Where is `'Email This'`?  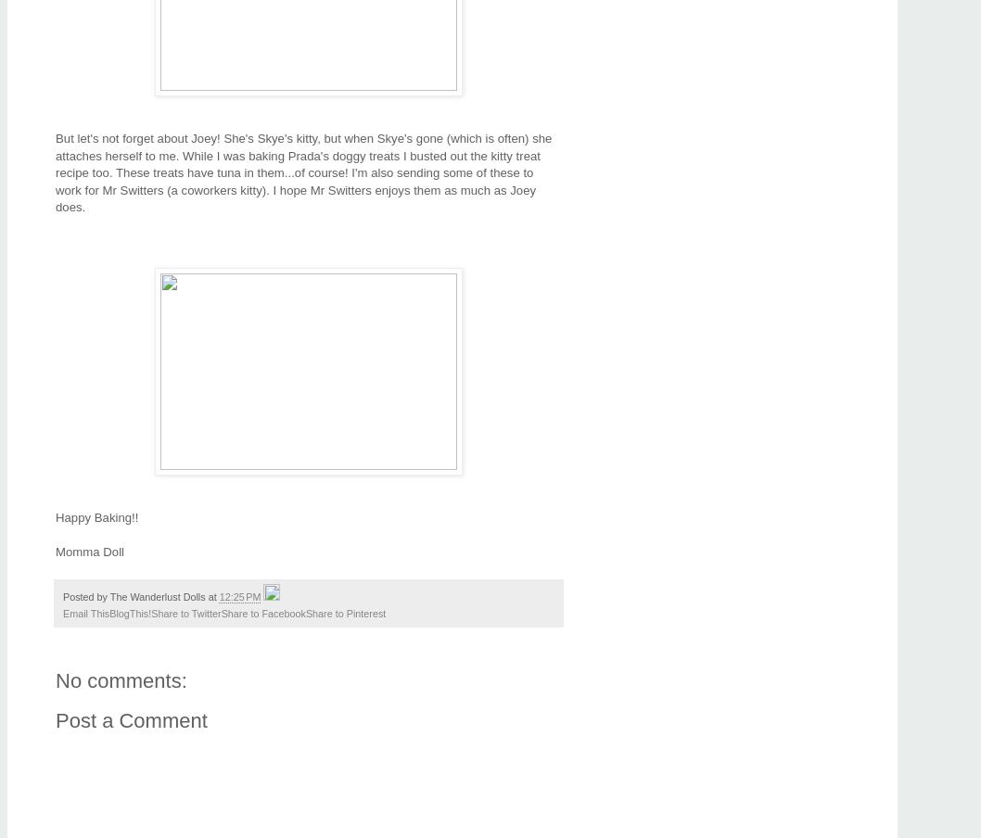 'Email This' is located at coordinates (84, 613).